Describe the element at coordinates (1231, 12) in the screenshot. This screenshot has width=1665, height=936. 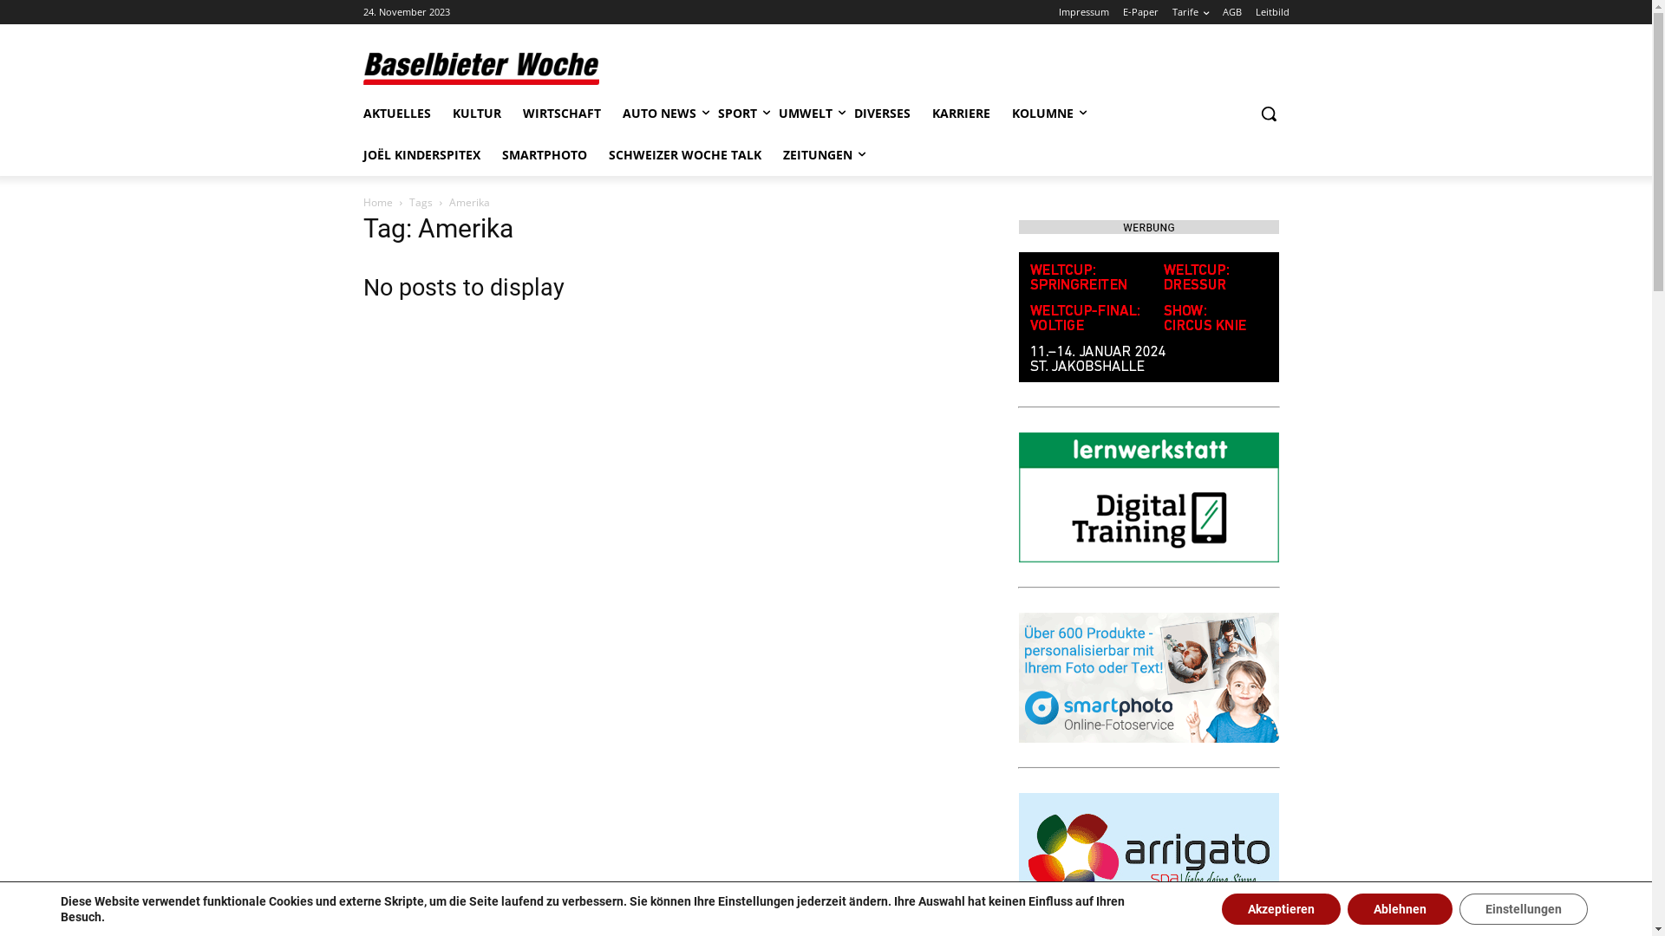
I see `'AGB'` at that location.